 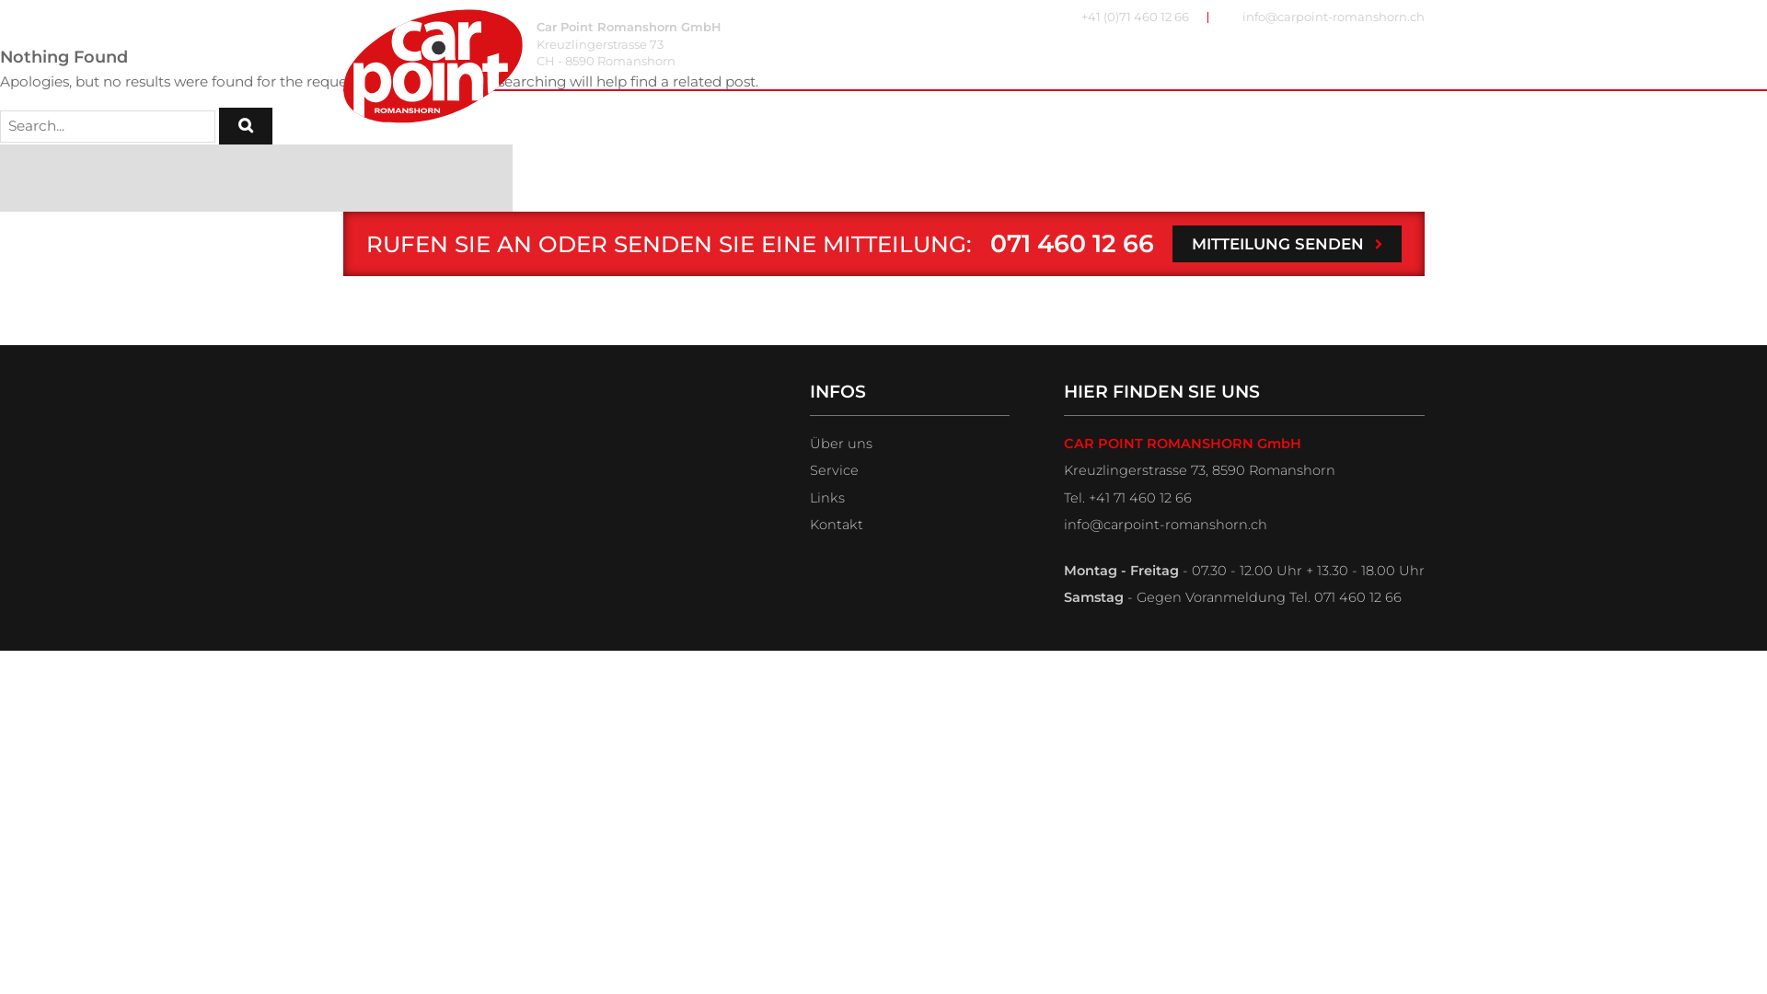 What do you see at coordinates (809, 525) in the screenshot?
I see `'Kontakt'` at bounding box center [809, 525].